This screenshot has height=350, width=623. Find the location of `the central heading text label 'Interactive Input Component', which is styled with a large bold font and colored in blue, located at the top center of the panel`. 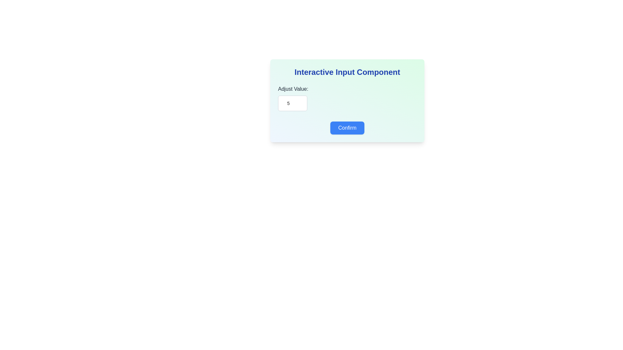

the central heading text label 'Interactive Input Component', which is styled with a large bold font and colored in blue, located at the top center of the panel is located at coordinates (347, 72).